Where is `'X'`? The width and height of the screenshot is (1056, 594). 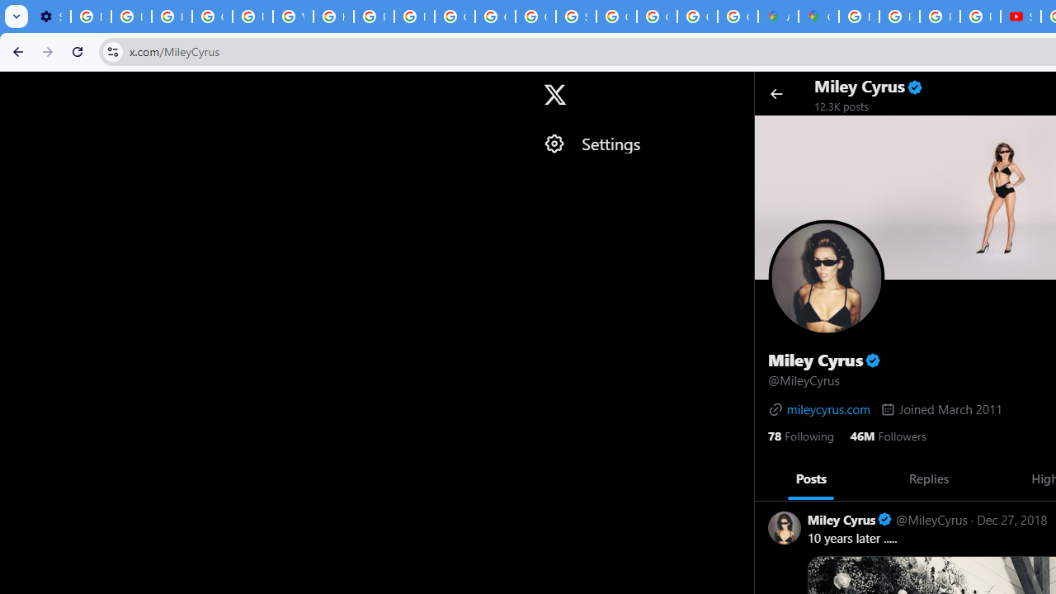
'X' is located at coordinates (554, 95).